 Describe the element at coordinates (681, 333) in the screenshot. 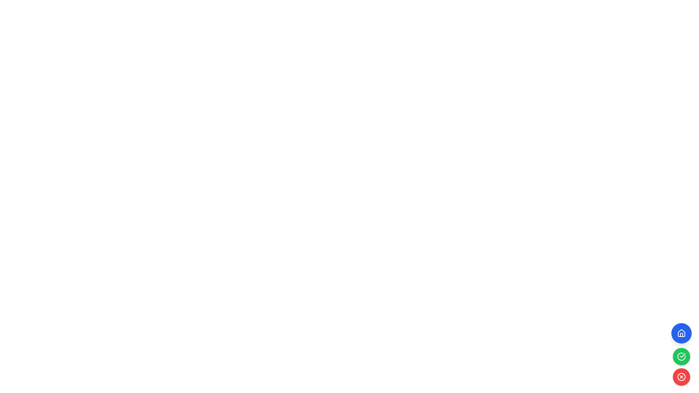

I see `the stylized house icon, which is part of a larger blue circular button located at the top of a vertical stack on the right side of the interface` at that location.